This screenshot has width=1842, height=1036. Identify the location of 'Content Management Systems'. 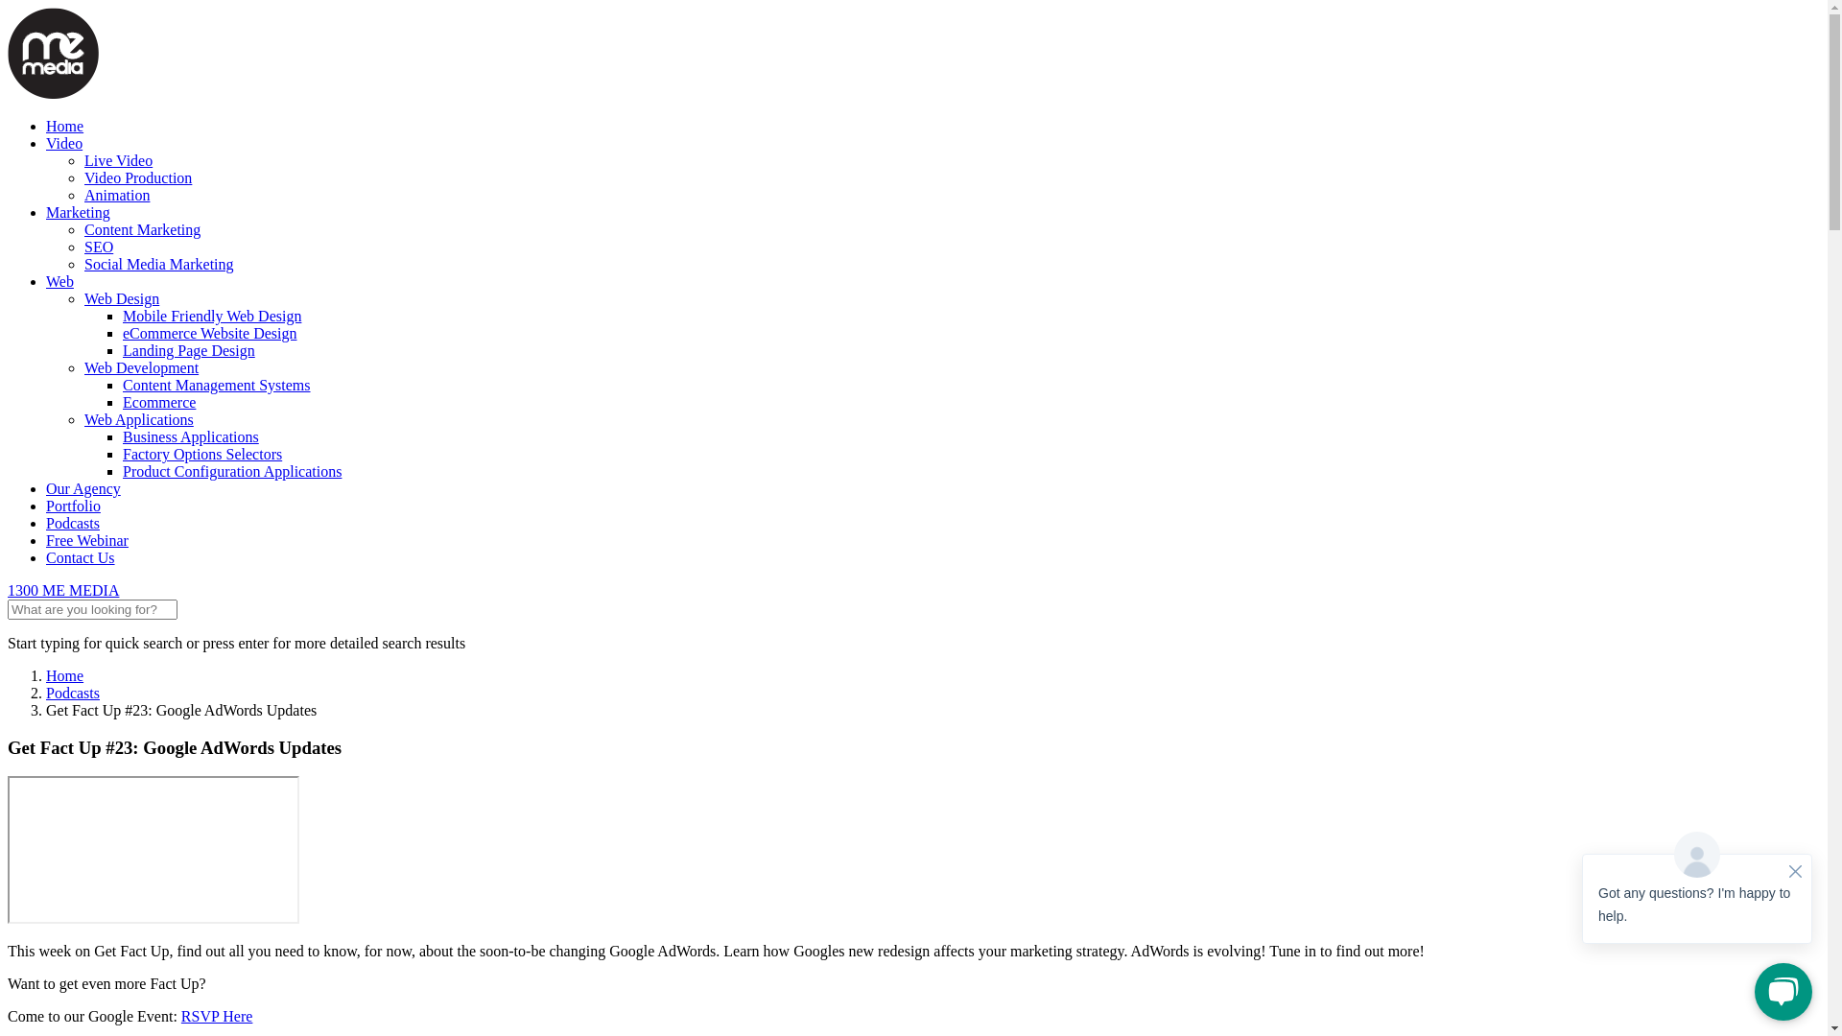
(216, 385).